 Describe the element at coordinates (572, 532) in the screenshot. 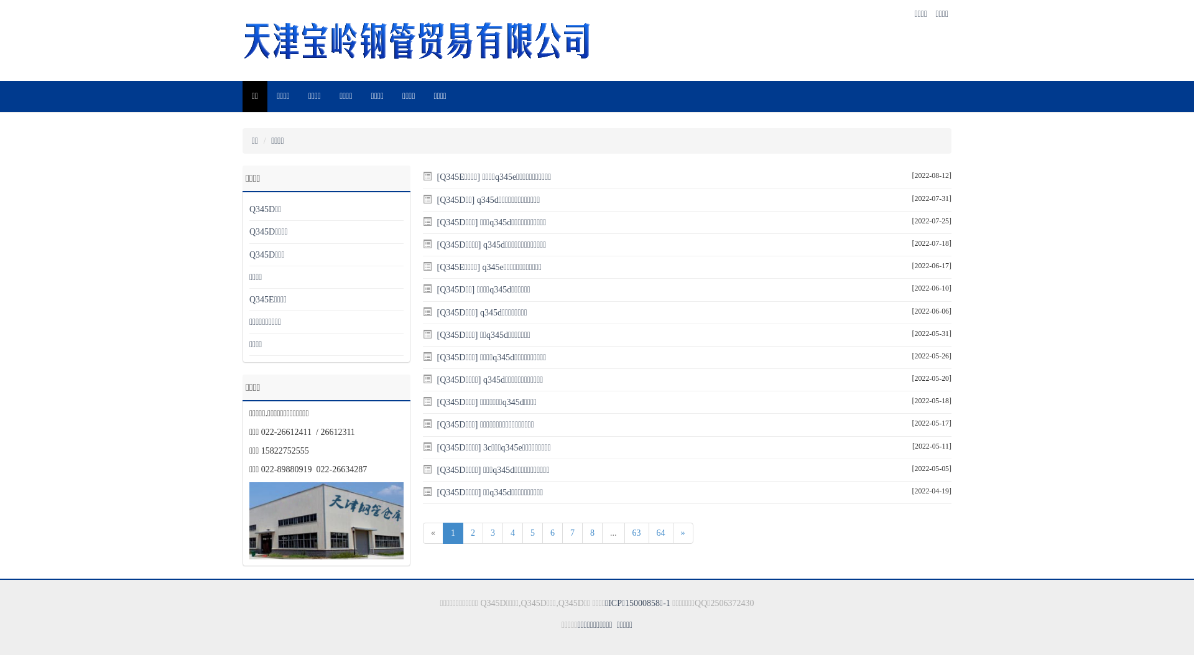

I see `'7'` at that location.